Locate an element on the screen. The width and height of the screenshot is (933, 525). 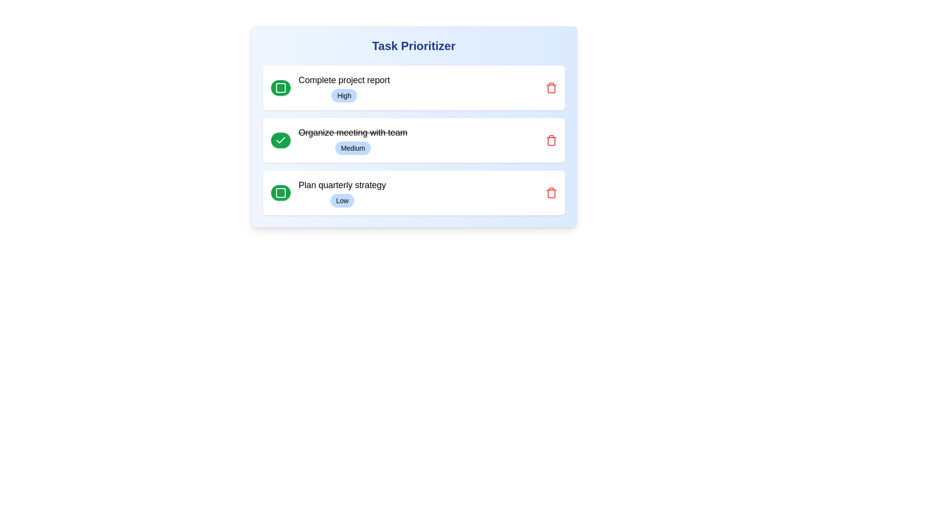
the text label displaying 'Plan quarterly strategy' which is positioned within the bottom-most card of the vertical list in the task prioritization interface is located at coordinates (342, 185).